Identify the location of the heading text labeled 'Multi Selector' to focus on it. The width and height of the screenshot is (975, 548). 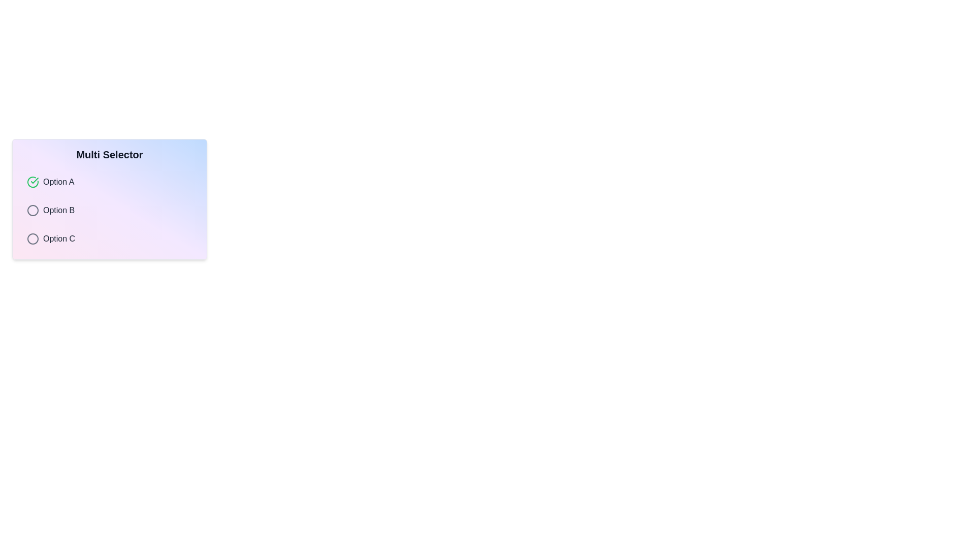
(110, 154).